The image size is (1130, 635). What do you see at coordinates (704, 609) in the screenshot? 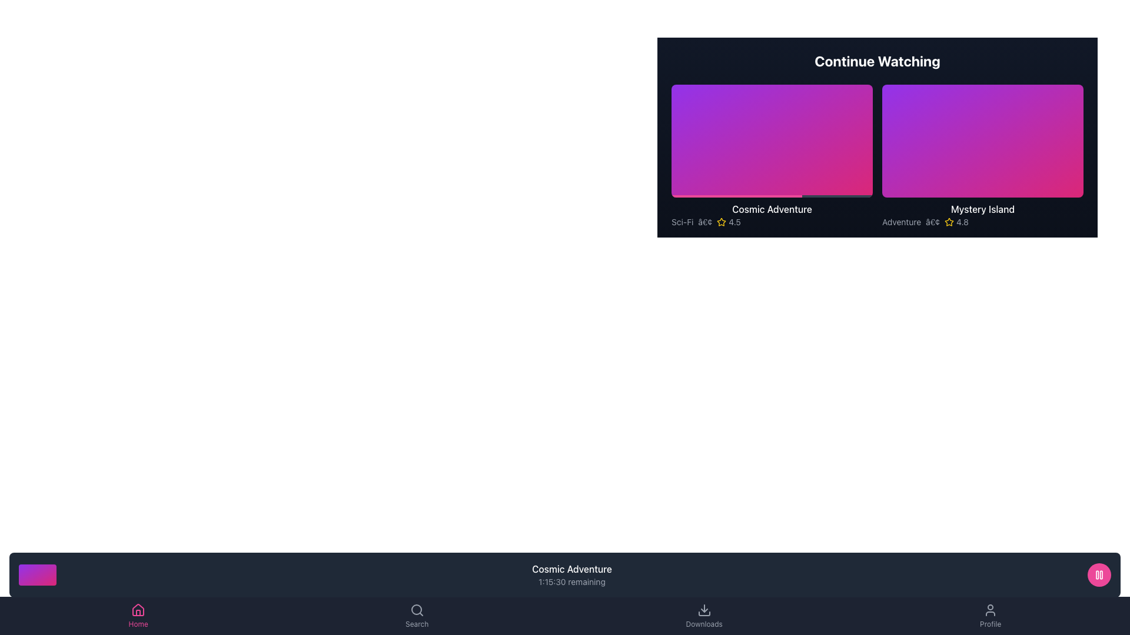
I see `the downward-pointing arrow icon within the 'Downloads' button for a visual response` at bounding box center [704, 609].